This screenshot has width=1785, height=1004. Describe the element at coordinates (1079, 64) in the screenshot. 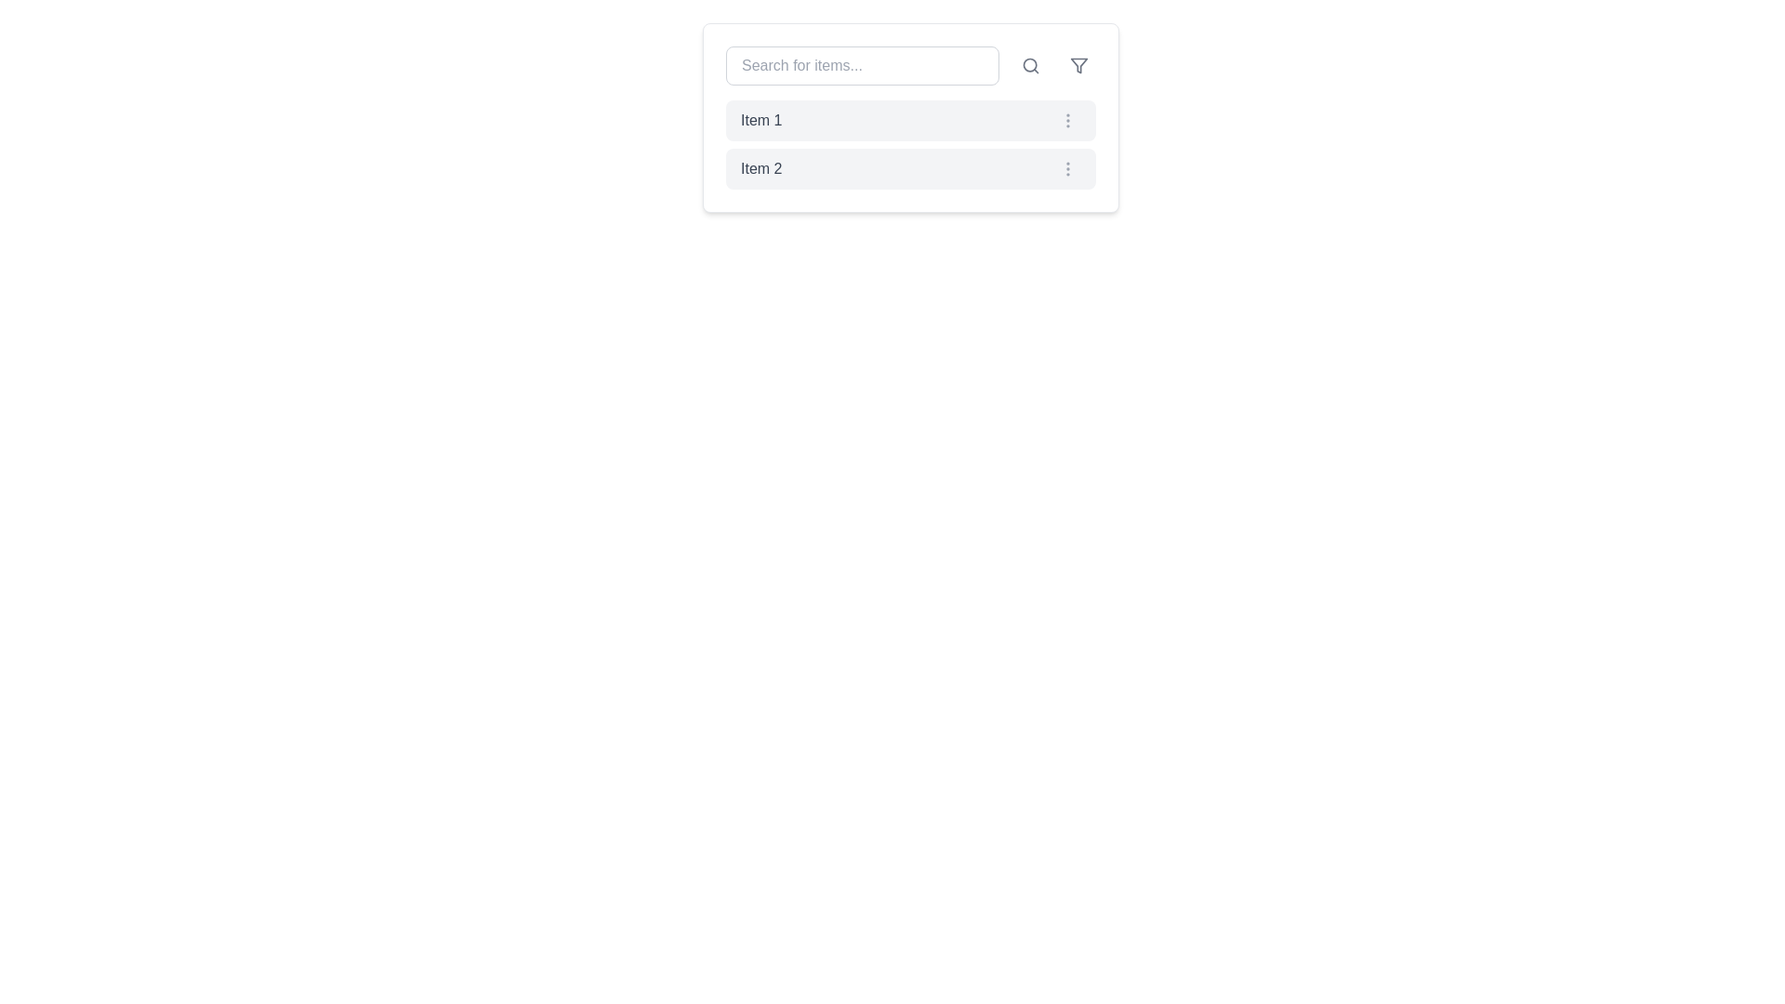

I see `the filter icon located in the top-right corner of the primary interface, adjacent to the search bar` at that location.